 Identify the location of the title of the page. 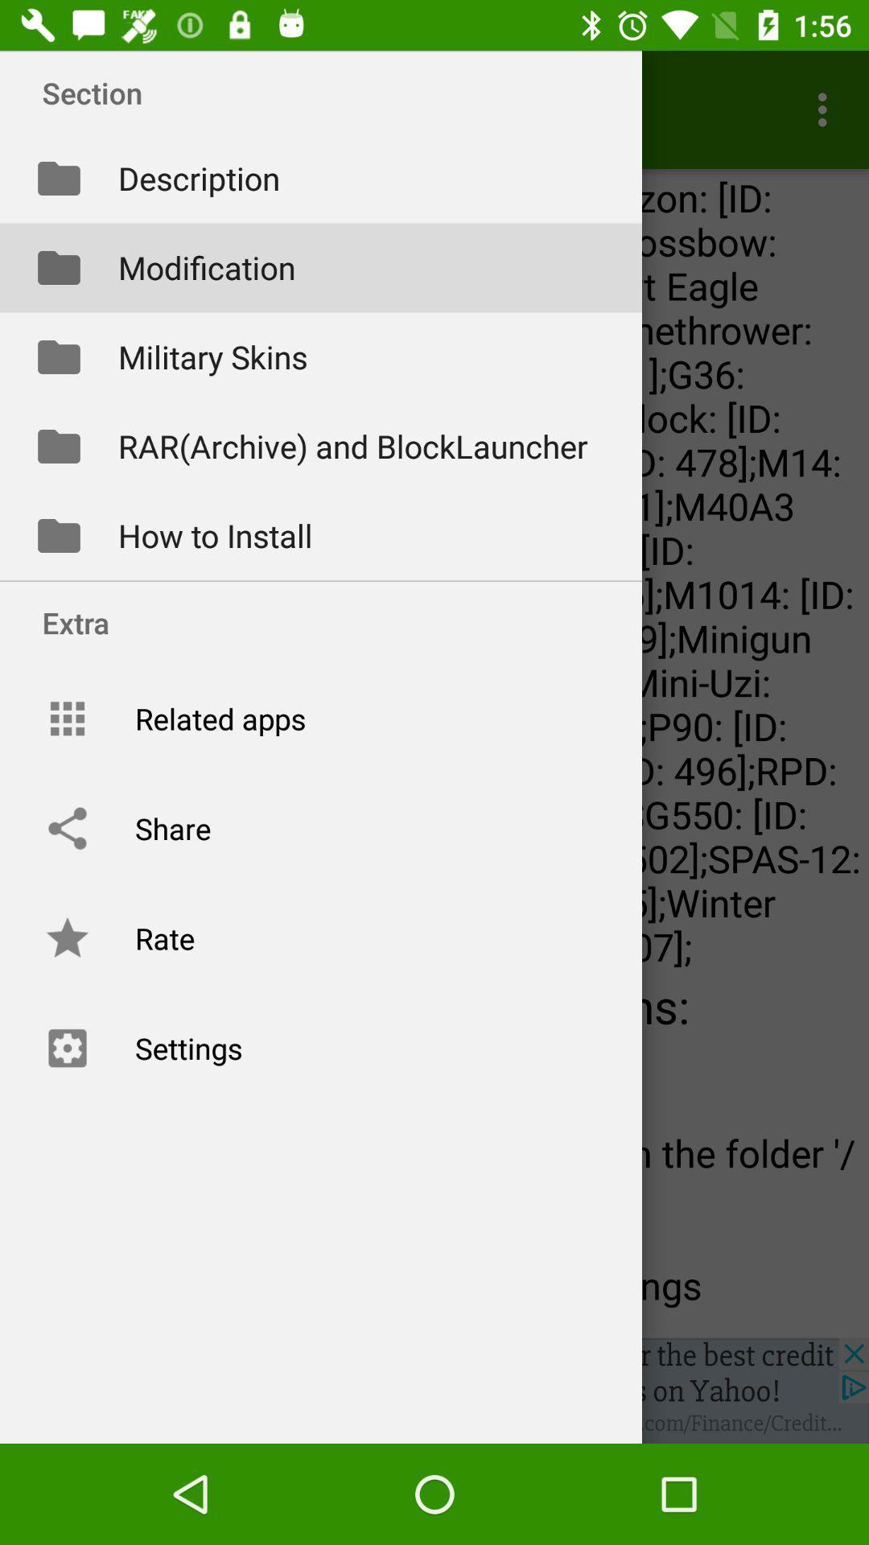
(325, 92).